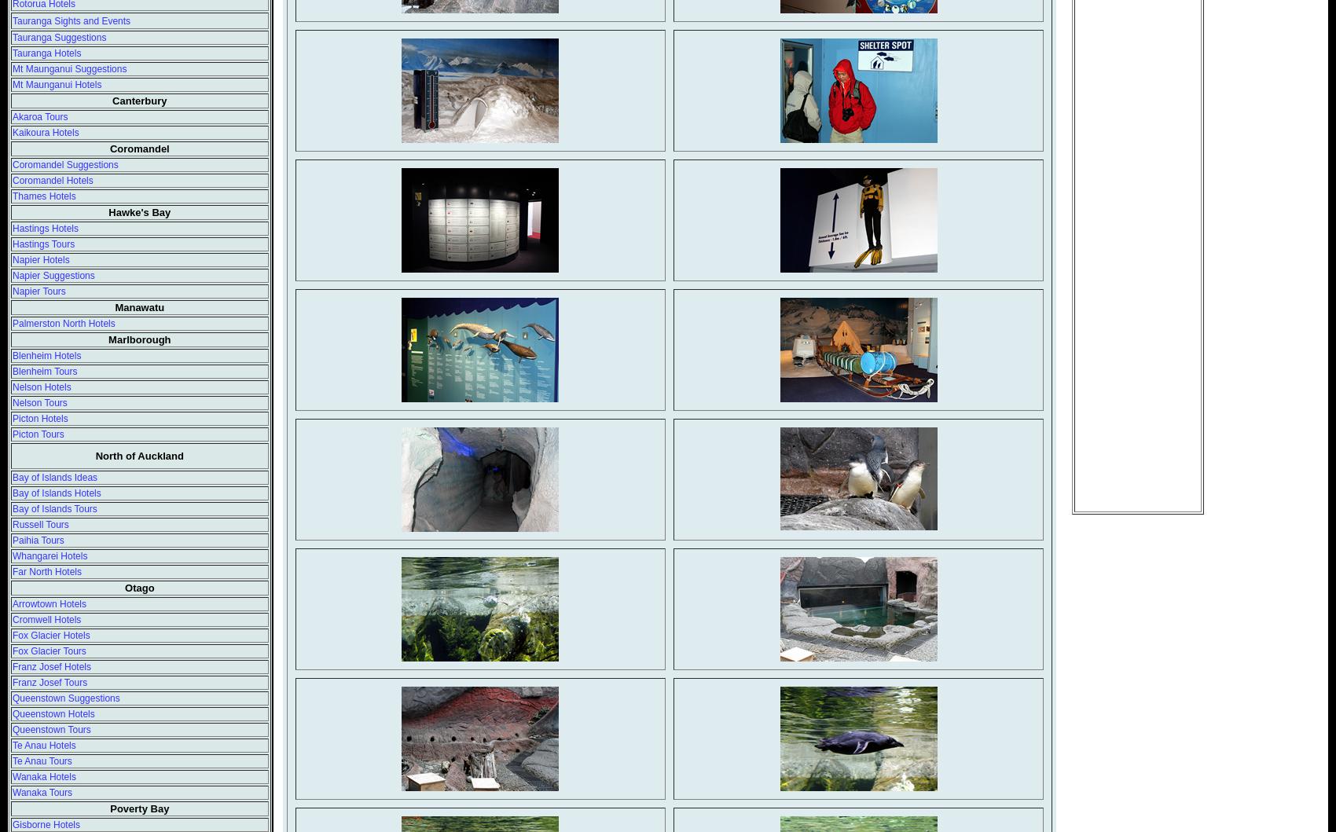  I want to click on 'Fox 
          Glacier Tours', so click(49, 650).